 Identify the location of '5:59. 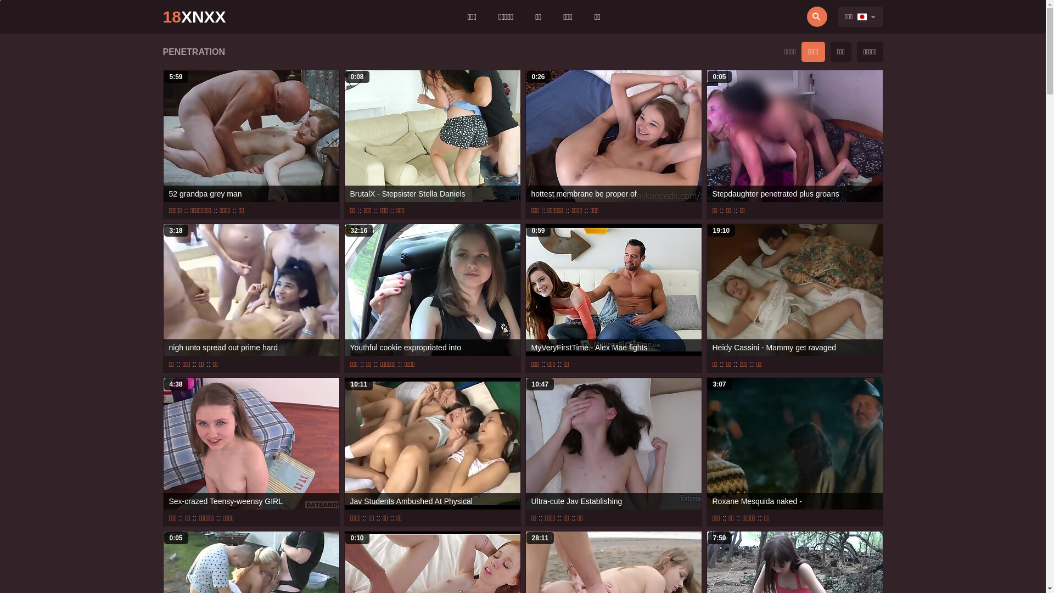
(250, 135).